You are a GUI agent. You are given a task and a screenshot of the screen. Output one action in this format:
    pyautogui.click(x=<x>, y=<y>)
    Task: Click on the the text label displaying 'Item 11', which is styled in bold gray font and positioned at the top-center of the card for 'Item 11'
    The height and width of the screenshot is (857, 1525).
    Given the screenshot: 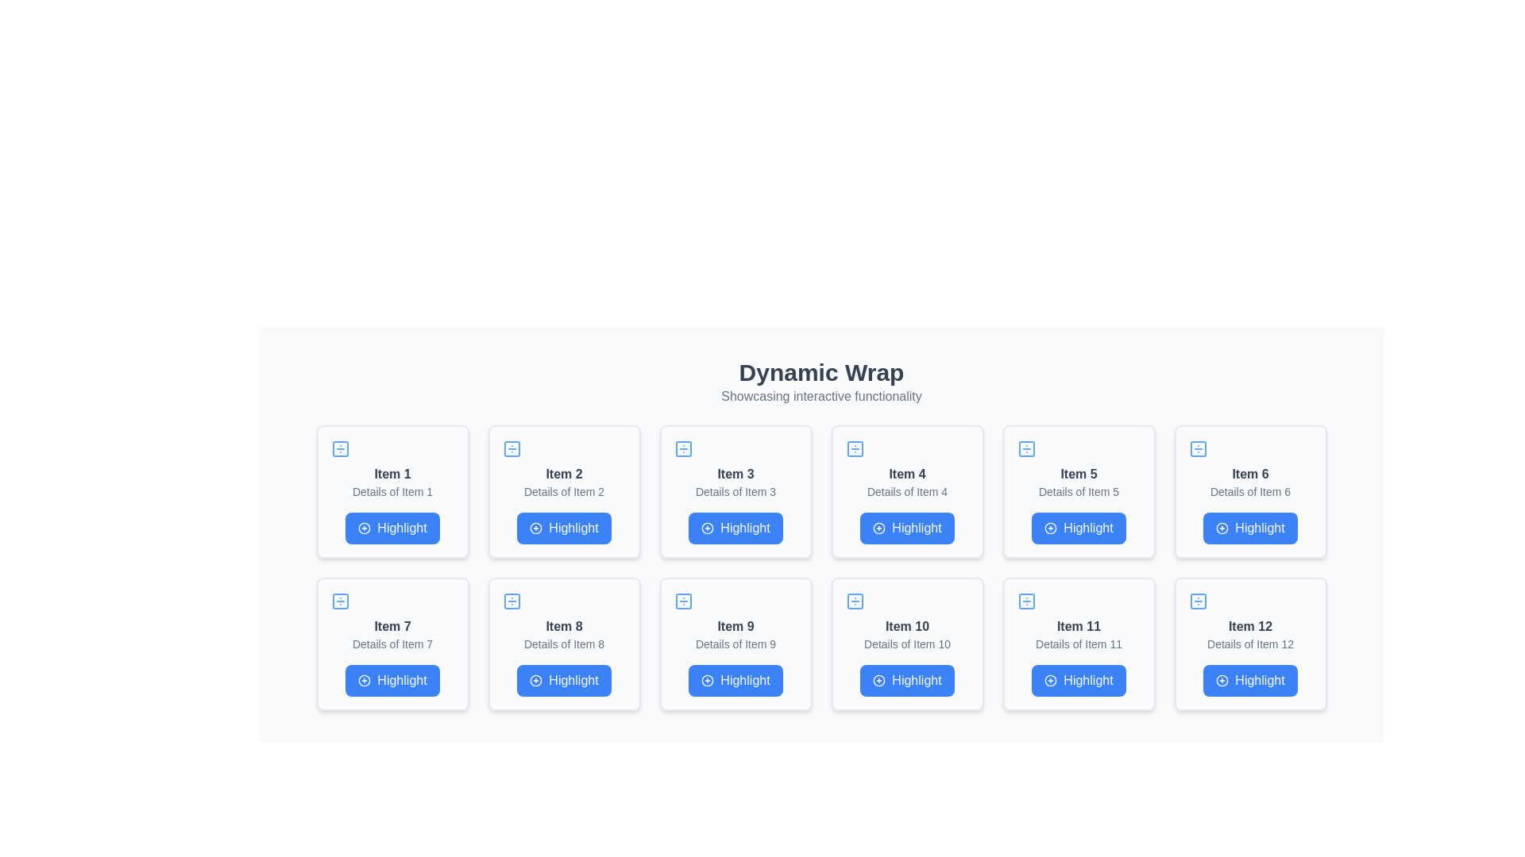 What is the action you would take?
    pyautogui.click(x=1079, y=626)
    